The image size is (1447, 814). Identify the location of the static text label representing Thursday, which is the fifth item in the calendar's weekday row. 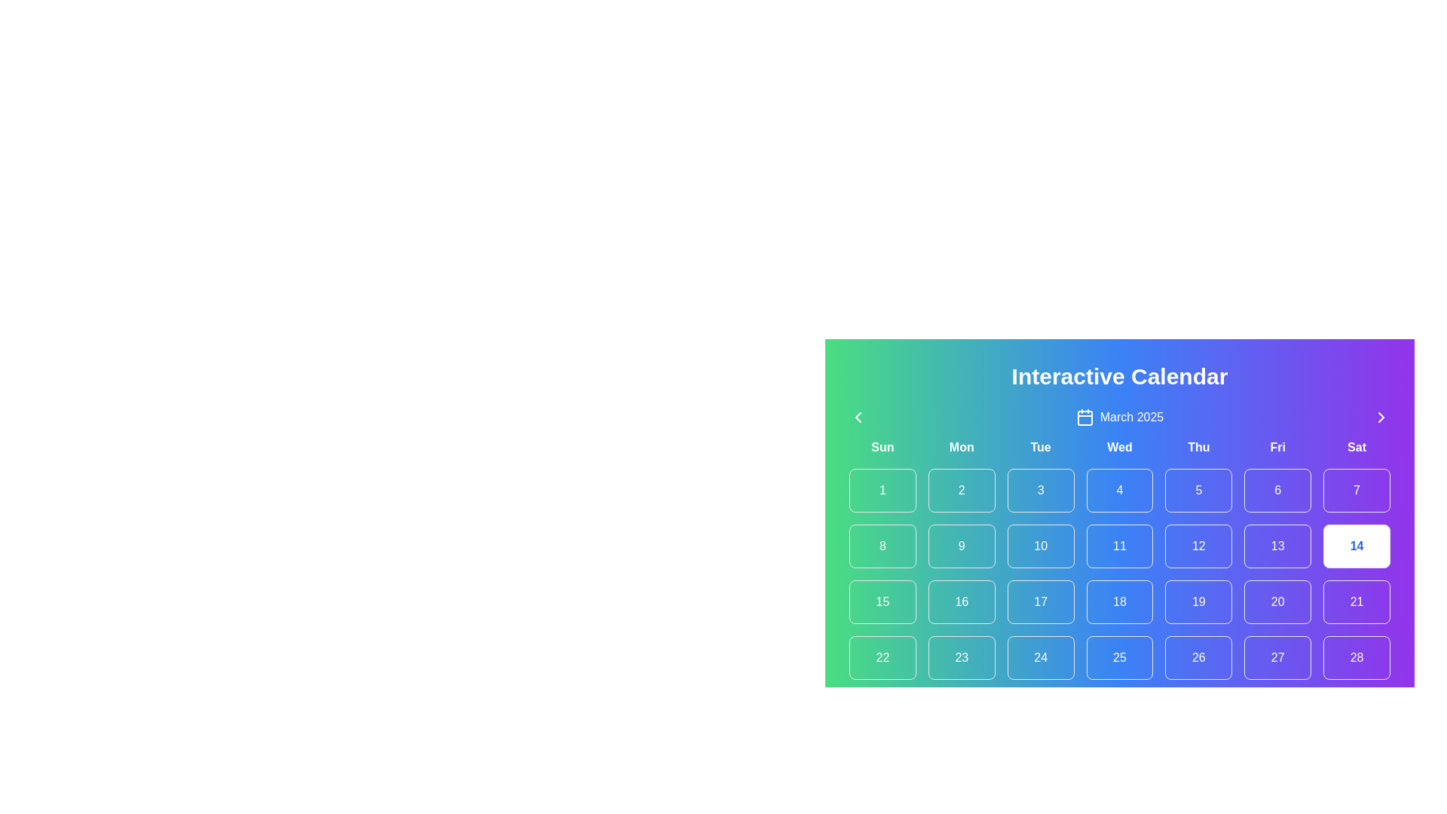
(1198, 447).